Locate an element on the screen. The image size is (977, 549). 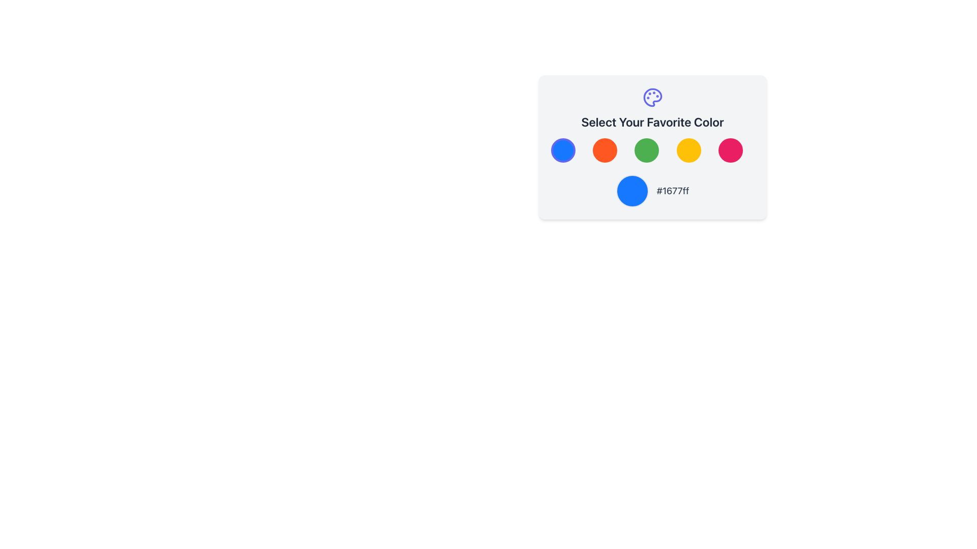
the yellow color selection button, which is the fourth button in a group of five circular buttons located near the center of the panel titled 'Select Your Favorite Color' is located at coordinates (688, 150).